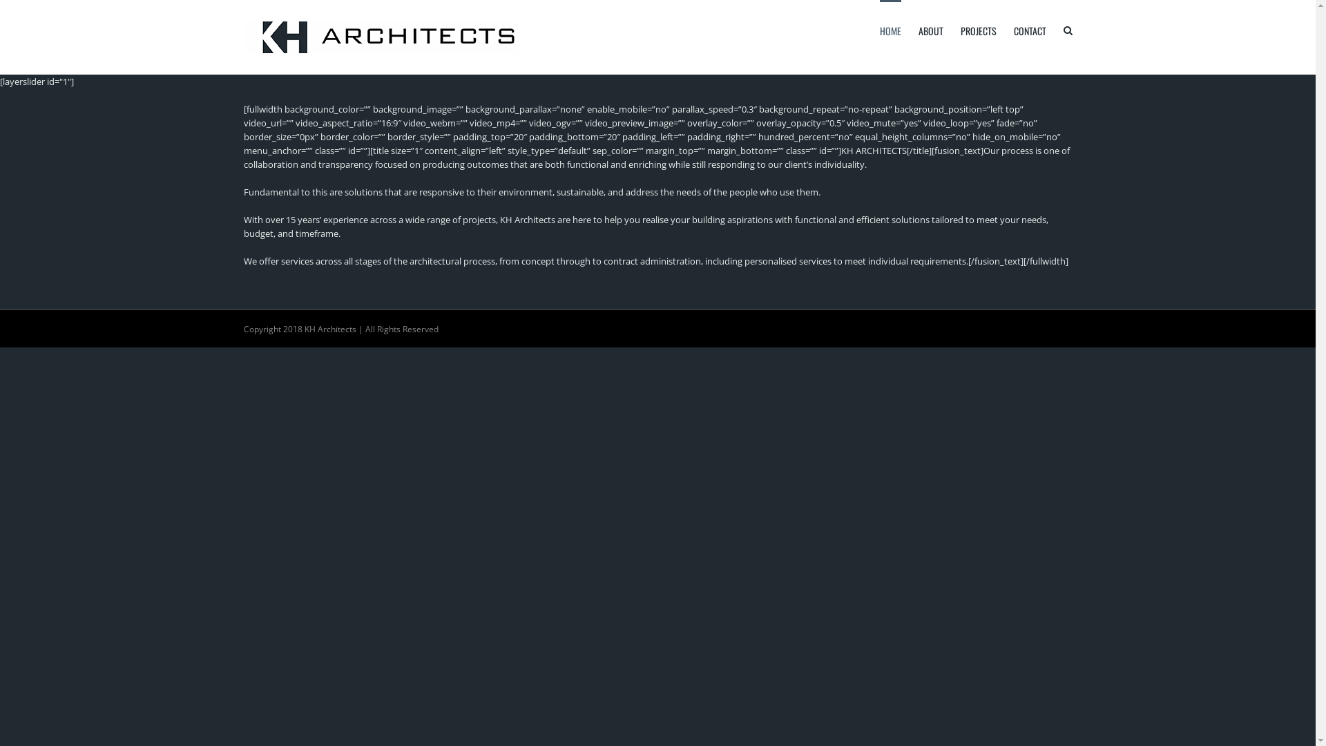  I want to click on 'HOME', so click(878, 29).